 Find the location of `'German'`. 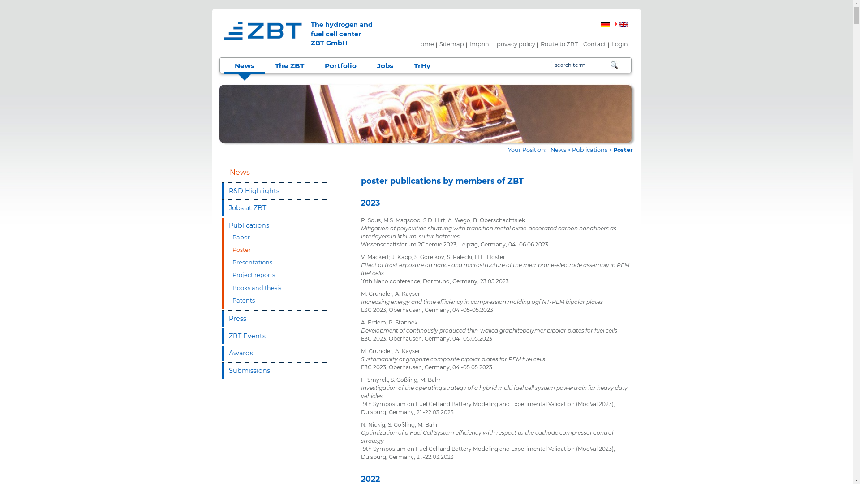

'German' is located at coordinates (606, 24).